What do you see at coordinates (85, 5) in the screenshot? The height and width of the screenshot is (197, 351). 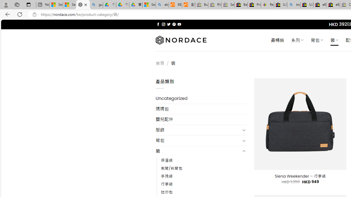 I see `'Close tab'` at bounding box center [85, 5].